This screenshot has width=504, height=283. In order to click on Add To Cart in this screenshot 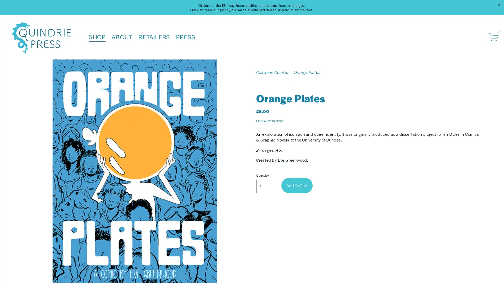, I will do `click(297, 185)`.